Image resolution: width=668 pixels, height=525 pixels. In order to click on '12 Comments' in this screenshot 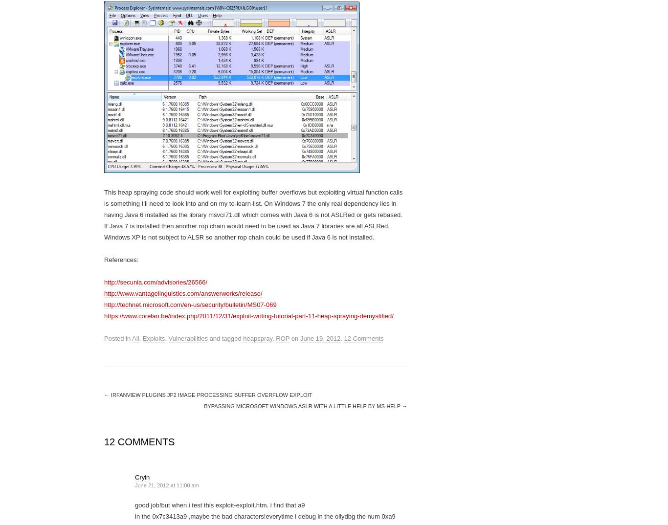, I will do `click(363, 338)`.